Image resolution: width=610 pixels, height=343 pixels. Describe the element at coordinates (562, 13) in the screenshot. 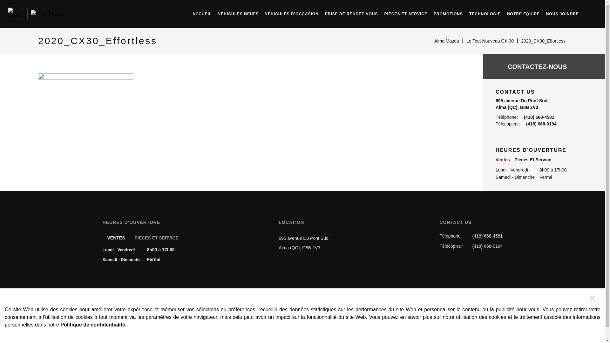

I see `'NOUS JOINDRE'` at that location.